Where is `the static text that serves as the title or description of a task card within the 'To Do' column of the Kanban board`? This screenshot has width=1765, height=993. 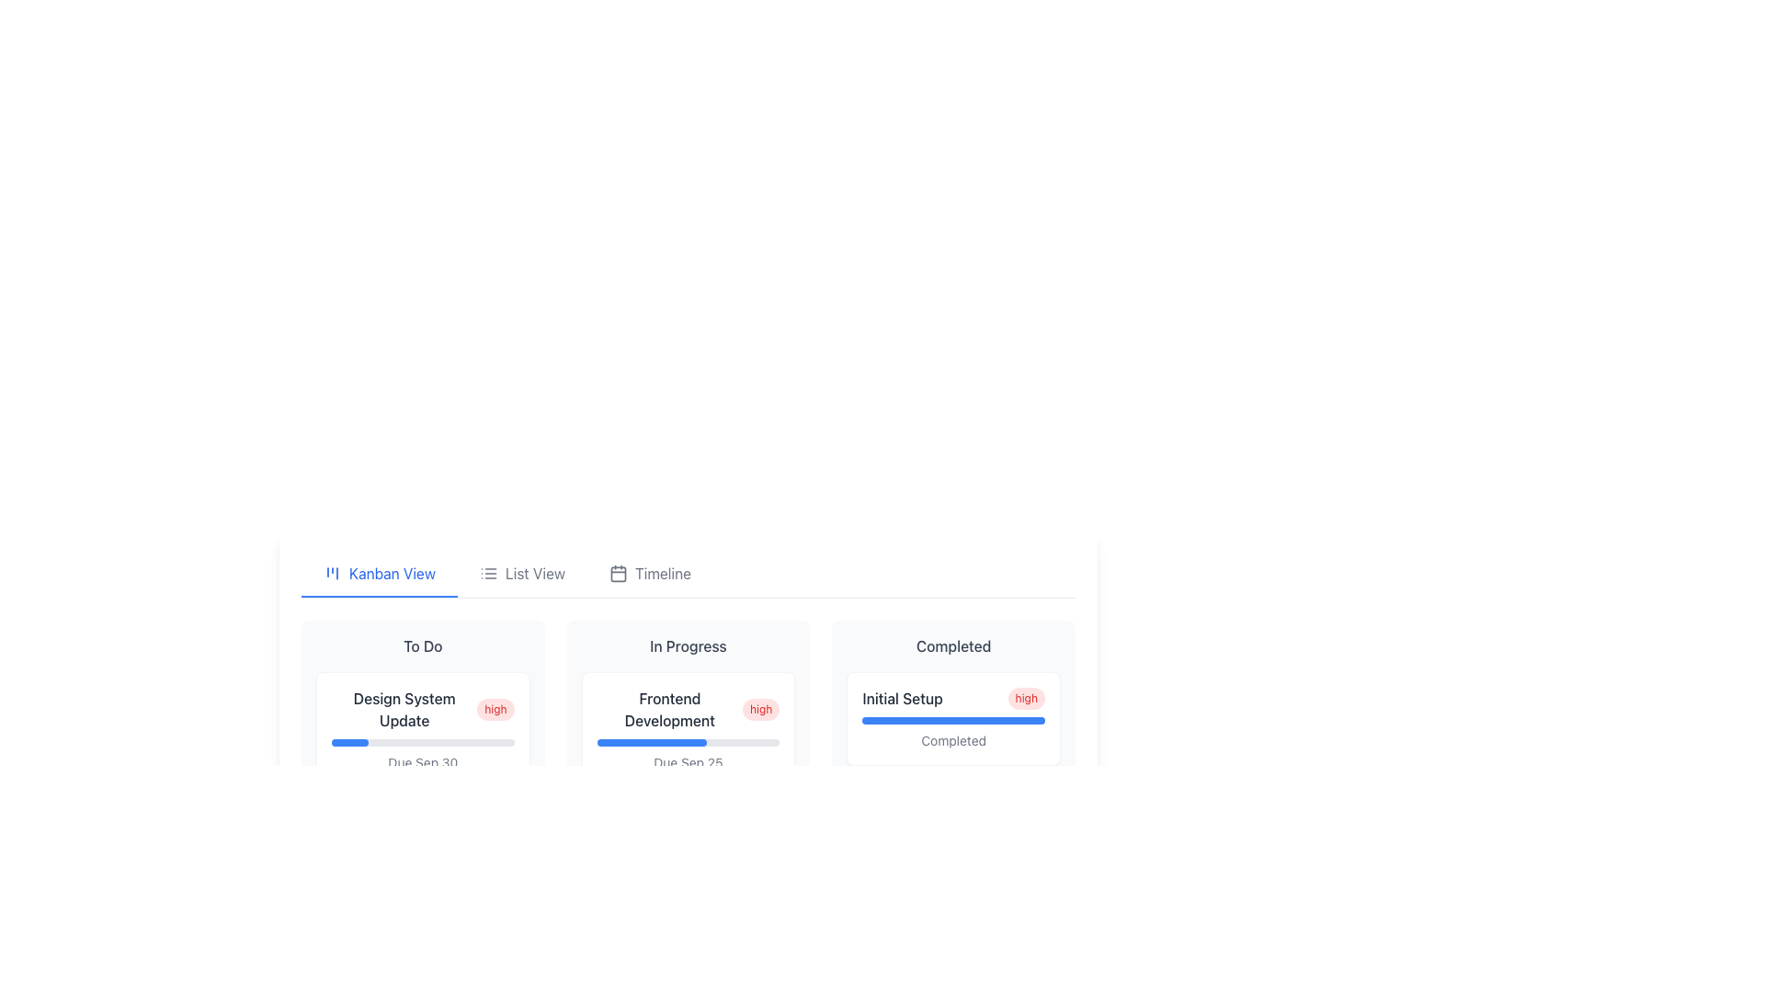 the static text that serves as the title or description of a task card within the 'To Do' column of the Kanban board is located at coordinates (404, 708).